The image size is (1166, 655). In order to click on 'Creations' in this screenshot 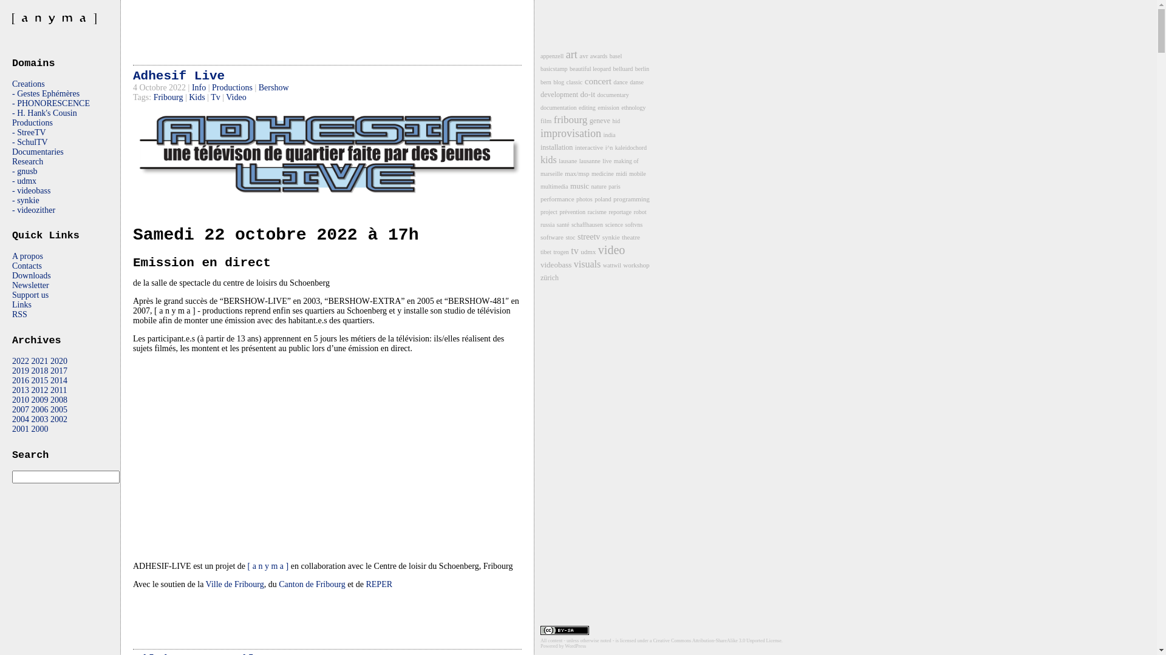, I will do `click(12, 83)`.